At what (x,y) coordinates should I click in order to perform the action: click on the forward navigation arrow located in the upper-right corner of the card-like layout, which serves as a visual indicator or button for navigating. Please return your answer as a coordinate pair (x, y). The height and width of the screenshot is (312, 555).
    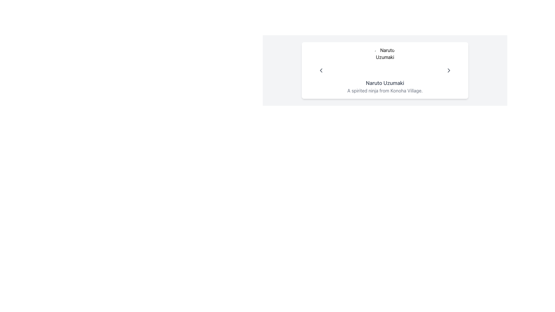
    Looking at the image, I should click on (448, 70).